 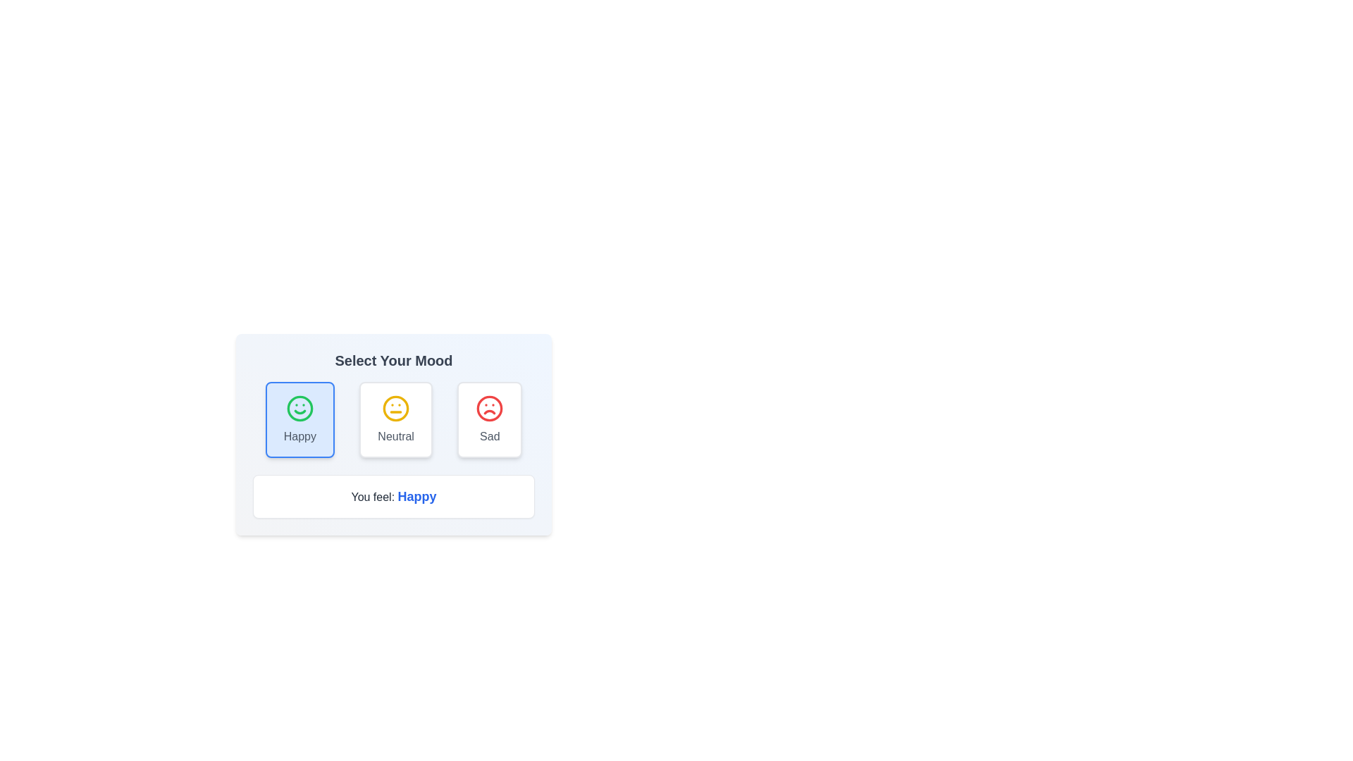 What do you see at coordinates (490, 436) in the screenshot?
I see `the static textual label displaying 'Sad', which is located below the red frowning face icon in the third mood selection option in the 'Select Your Mood' interface` at bounding box center [490, 436].